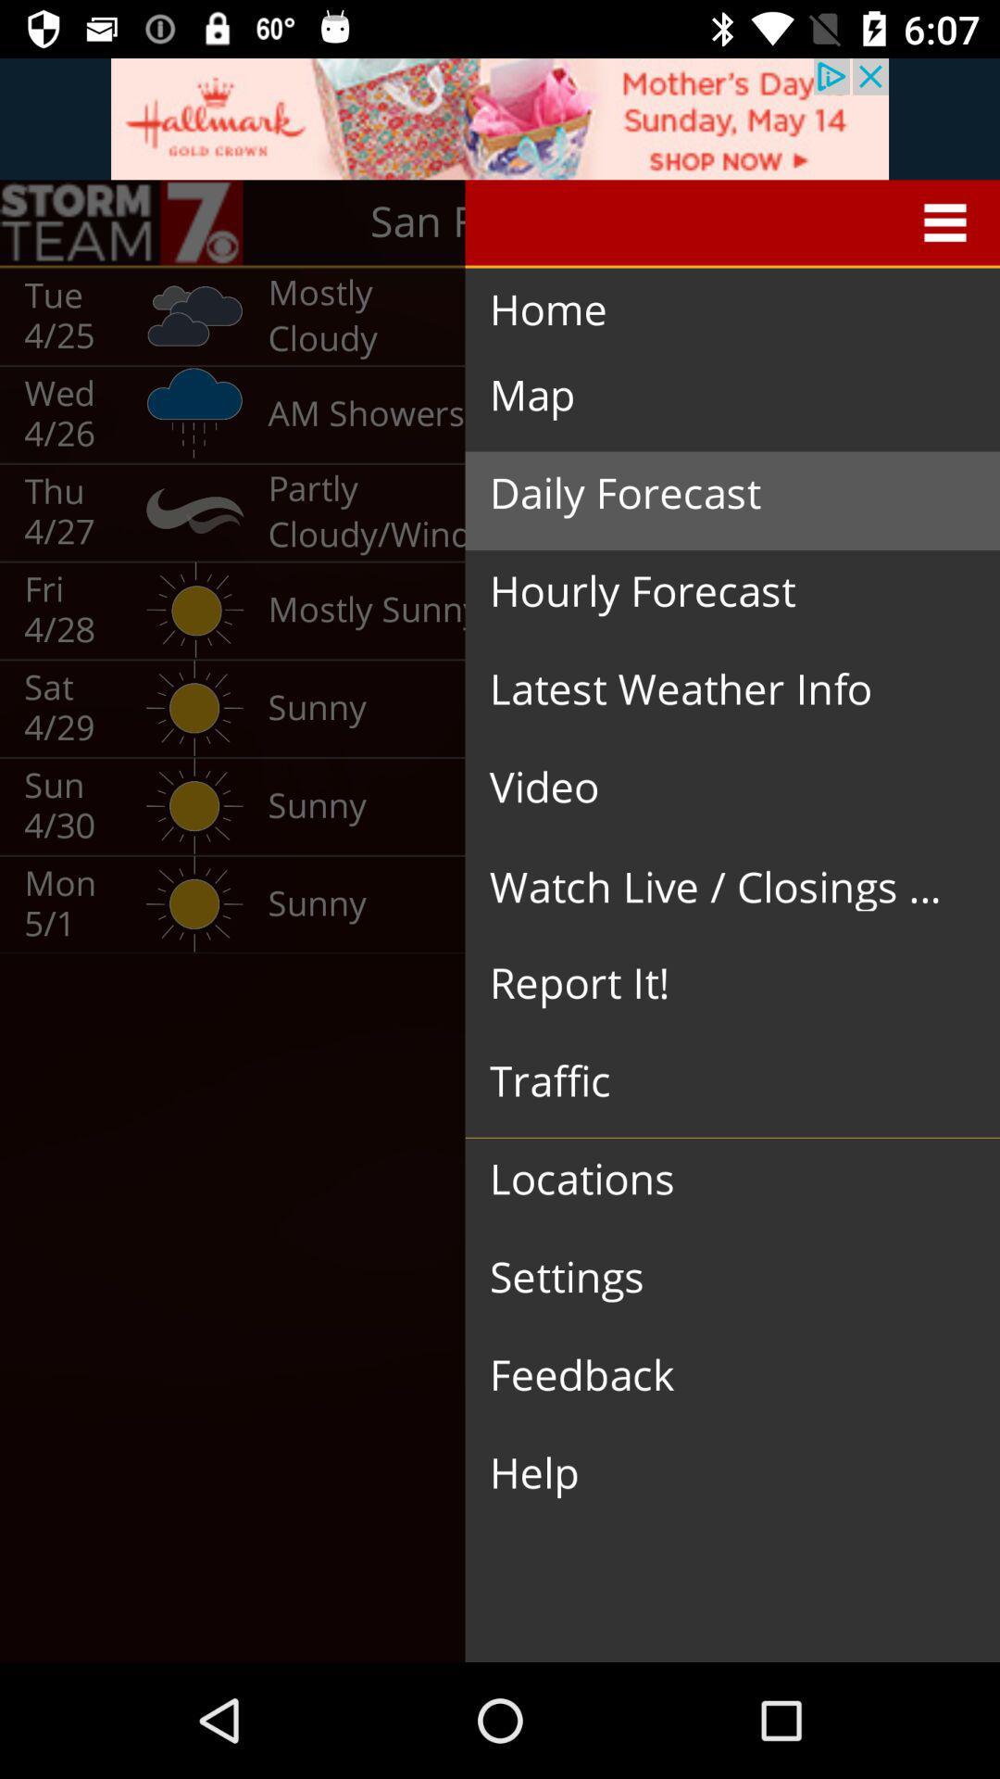 Image resolution: width=1000 pixels, height=1779 pixels. Describe the element at coordinates (717, 1473) in the screenshot. I see `help item` at that location.